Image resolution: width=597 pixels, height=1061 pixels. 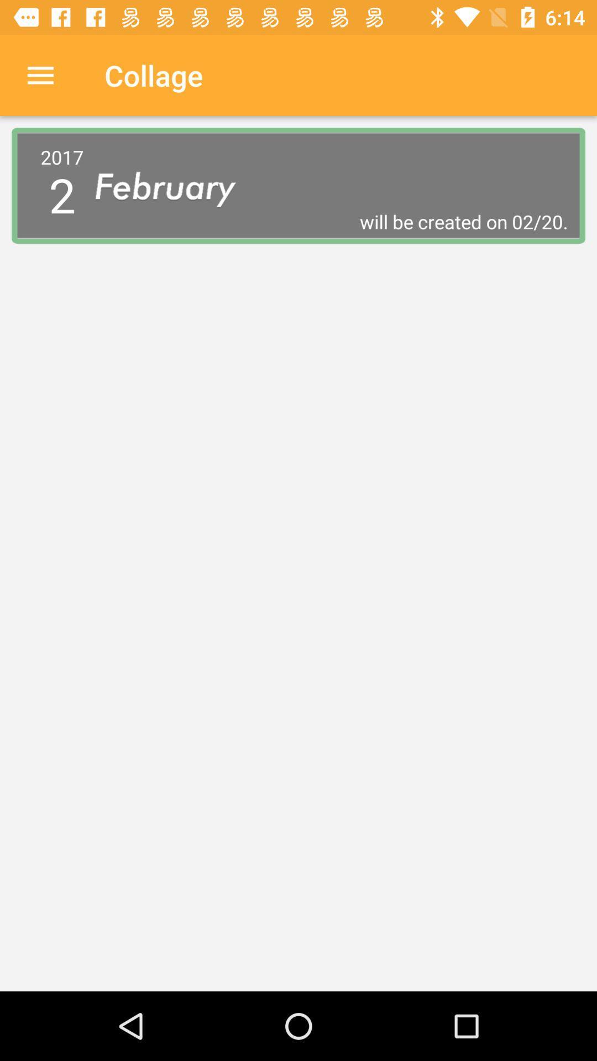 What do you see at coordinates (62, 185) in the screenshot?
I see `2017` at bounding box center [62, 185].